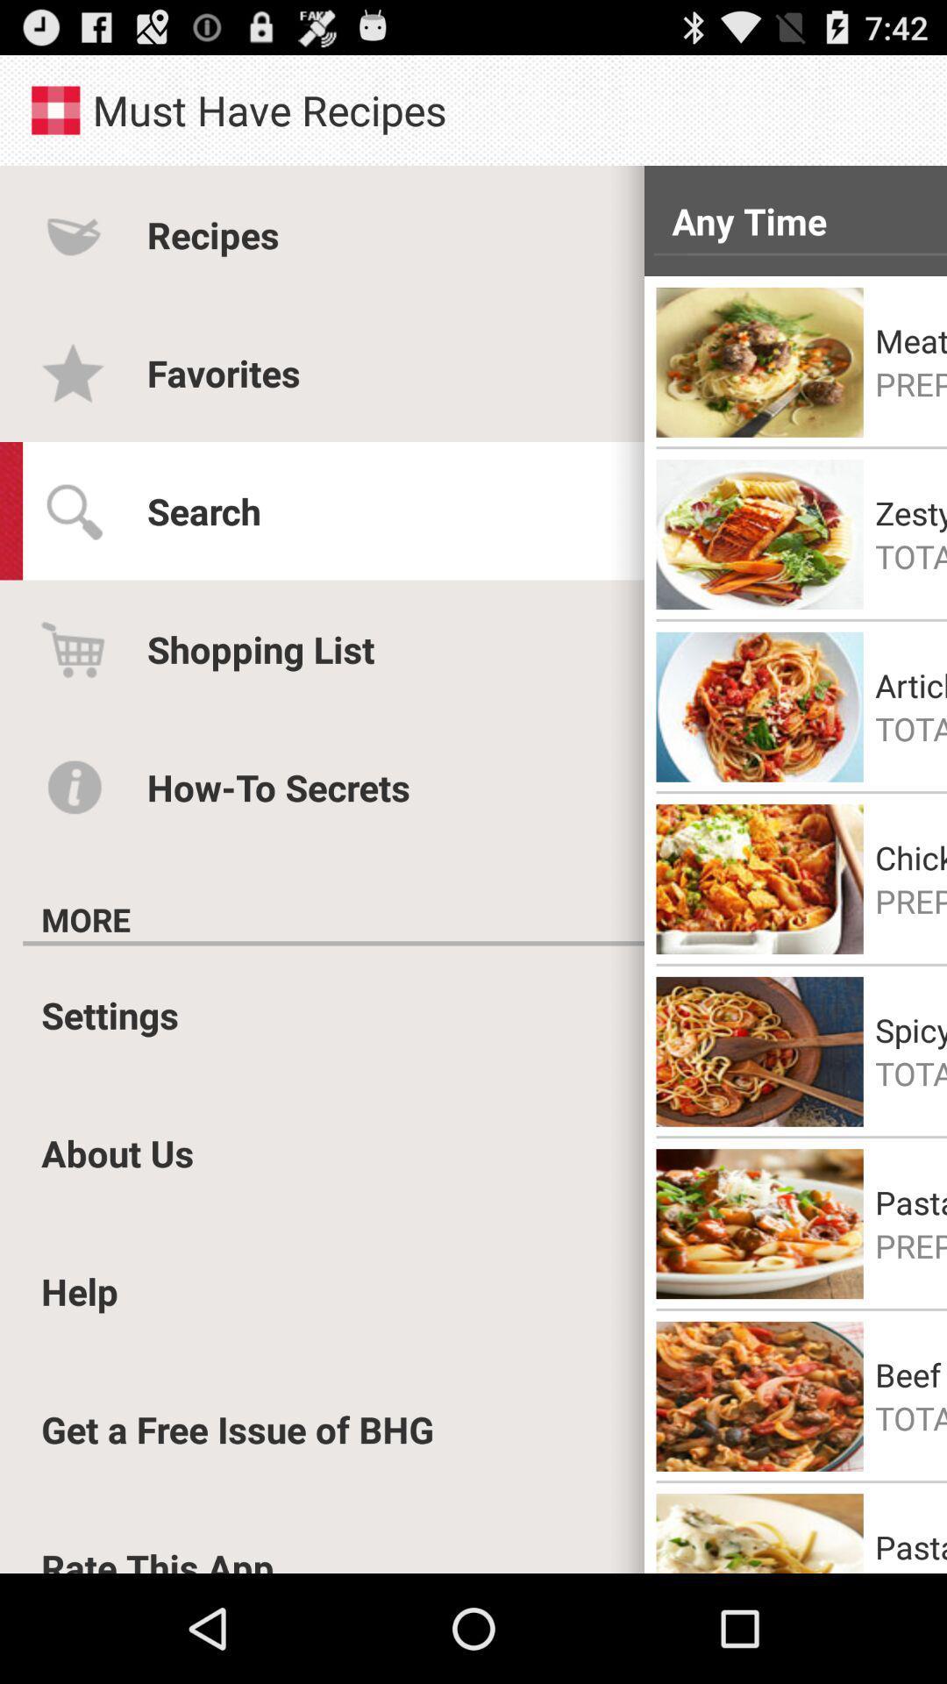 The height and width of the screenshot is (1684, 947). I want to click on the help app, so click(80, 1291).